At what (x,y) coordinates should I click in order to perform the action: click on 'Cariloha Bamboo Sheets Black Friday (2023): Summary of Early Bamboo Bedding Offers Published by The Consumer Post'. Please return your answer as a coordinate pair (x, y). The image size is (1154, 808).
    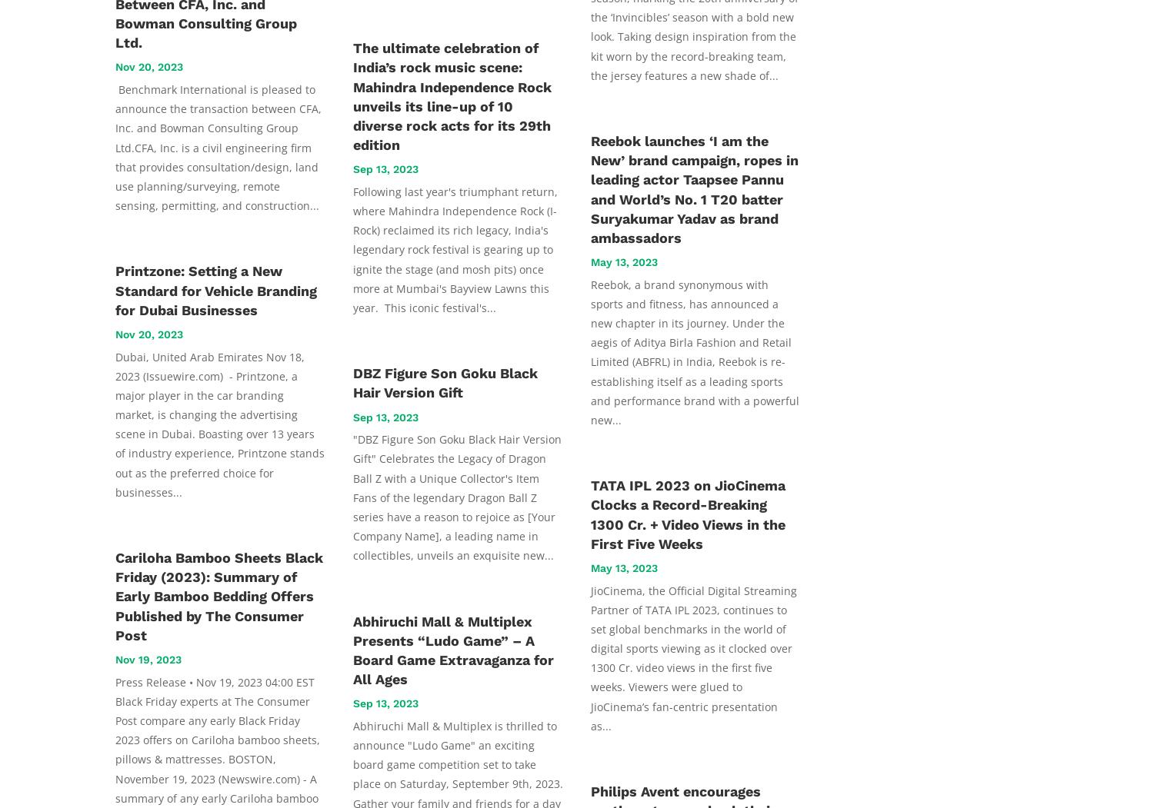
    Looking at the image, I should click on (219, 595).